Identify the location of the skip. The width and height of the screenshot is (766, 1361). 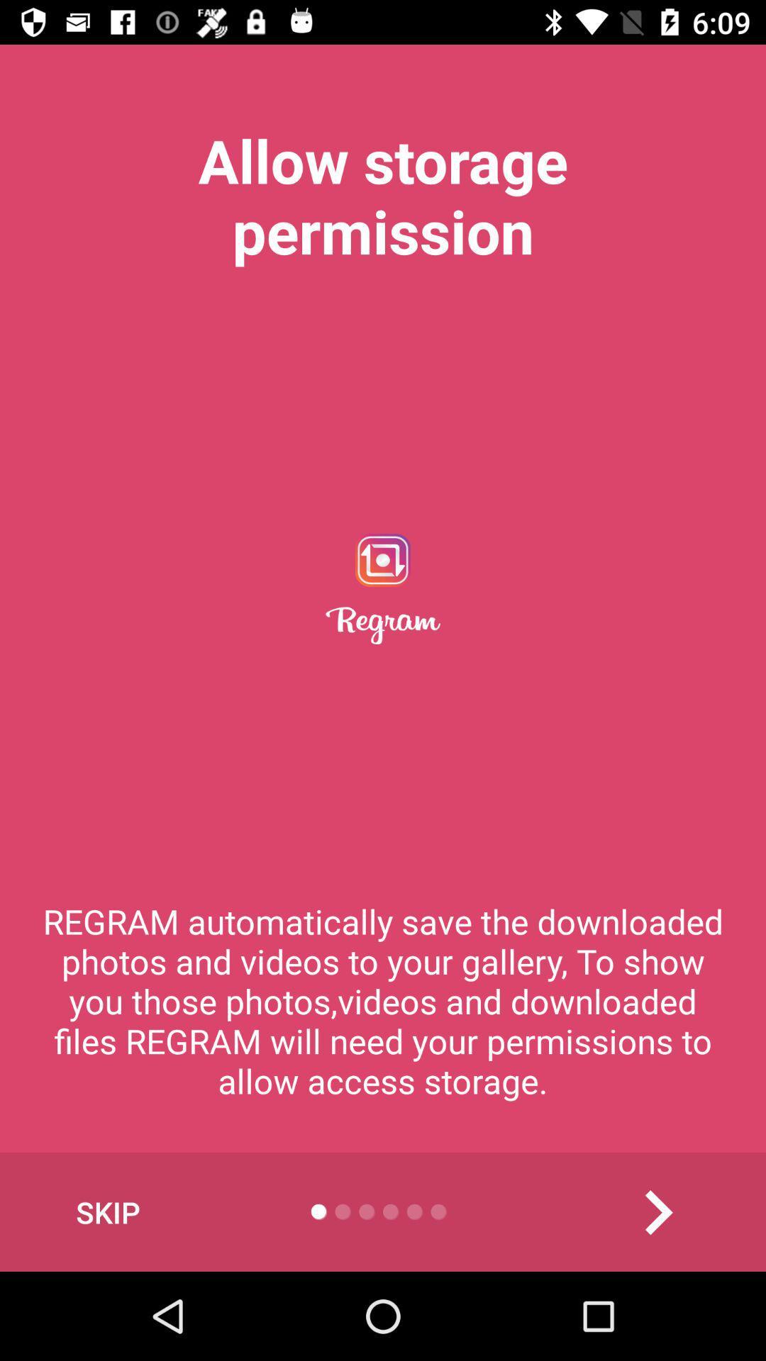
(107, 1211).